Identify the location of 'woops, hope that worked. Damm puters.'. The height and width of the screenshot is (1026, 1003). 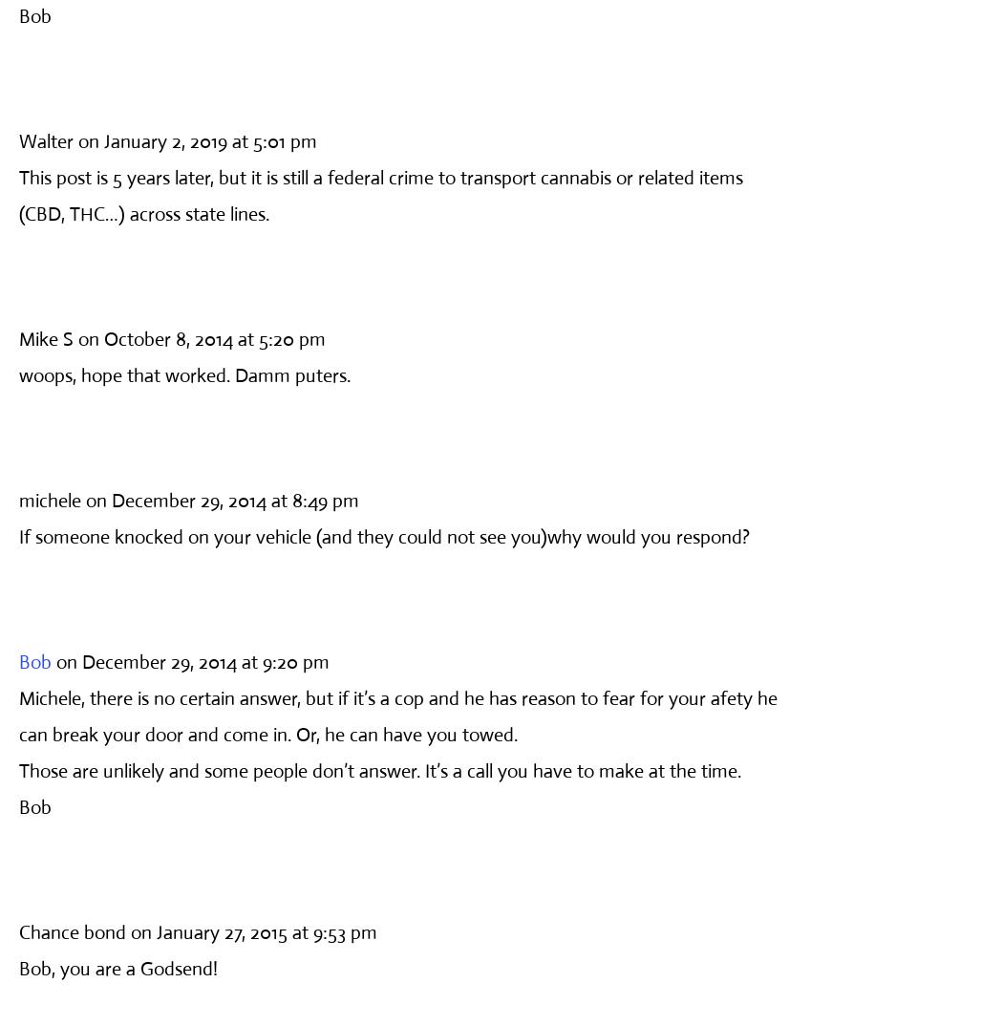
(183, 374).